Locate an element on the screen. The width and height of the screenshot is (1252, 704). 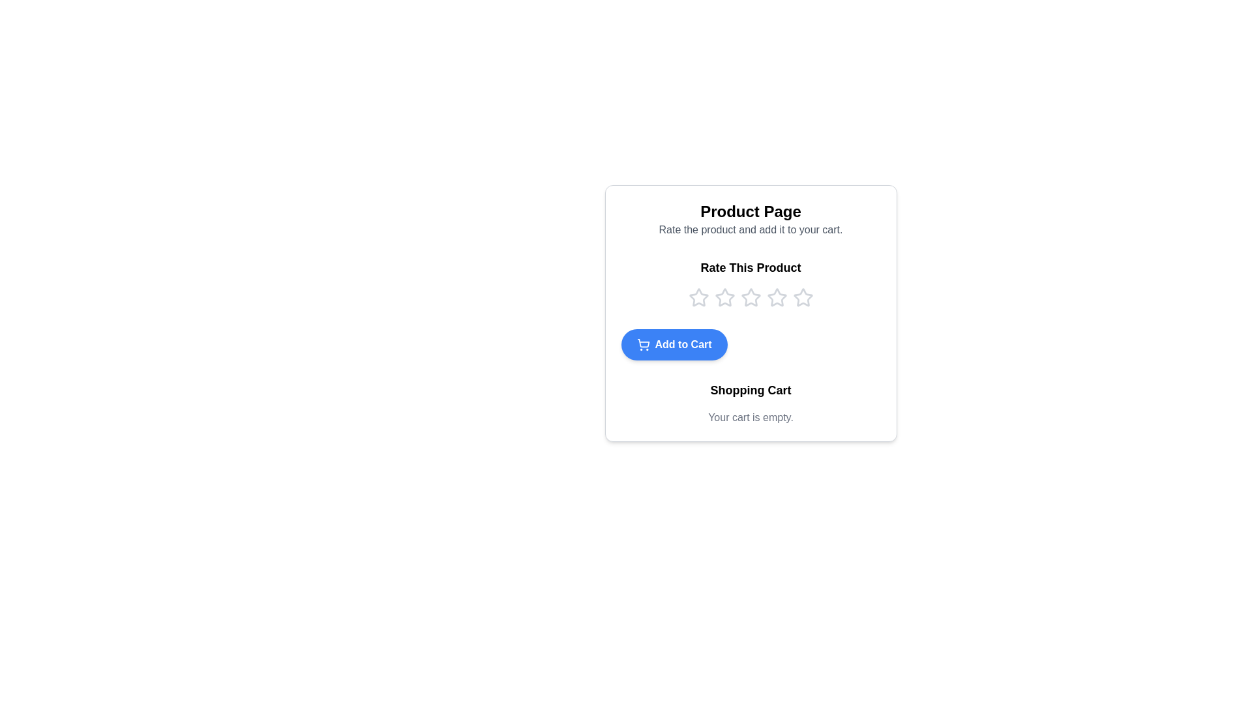
the shopping cart icon, which visually represents the 'Add to Cart' functionality located to the left of the 'Add to Cart' button is located at coordinates (643, 342).